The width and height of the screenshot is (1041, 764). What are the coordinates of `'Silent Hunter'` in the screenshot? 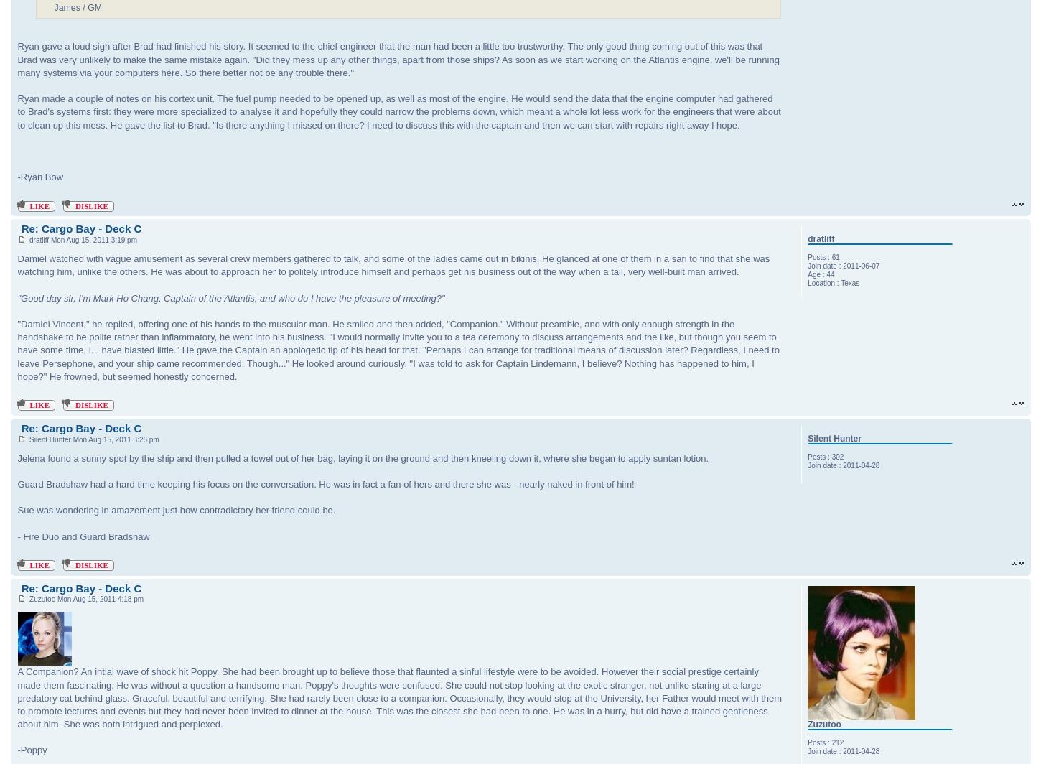 It's located at (834, 437).